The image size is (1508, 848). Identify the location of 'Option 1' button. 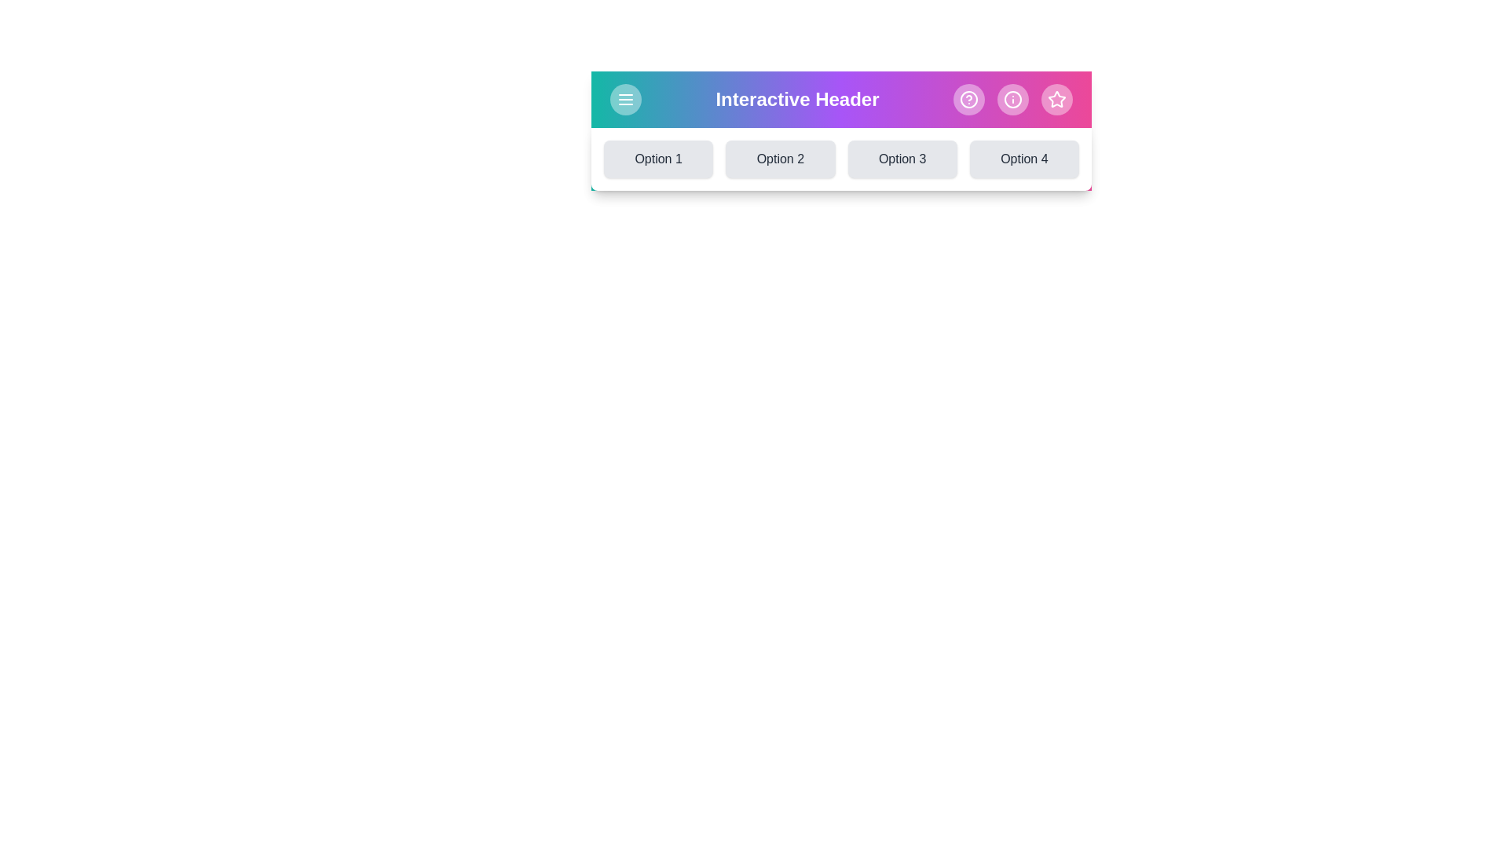
(658, 159).